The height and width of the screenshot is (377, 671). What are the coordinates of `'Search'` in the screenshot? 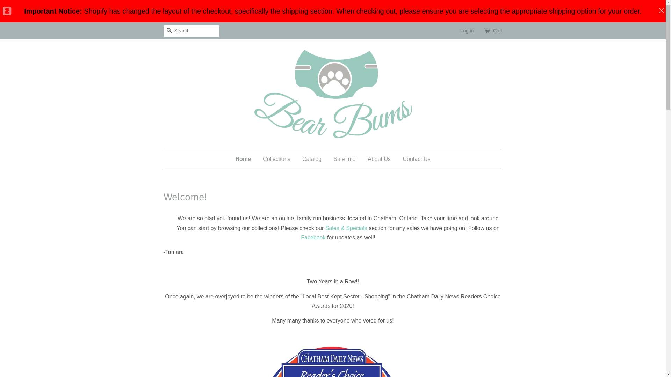 It's located at (169, 31).